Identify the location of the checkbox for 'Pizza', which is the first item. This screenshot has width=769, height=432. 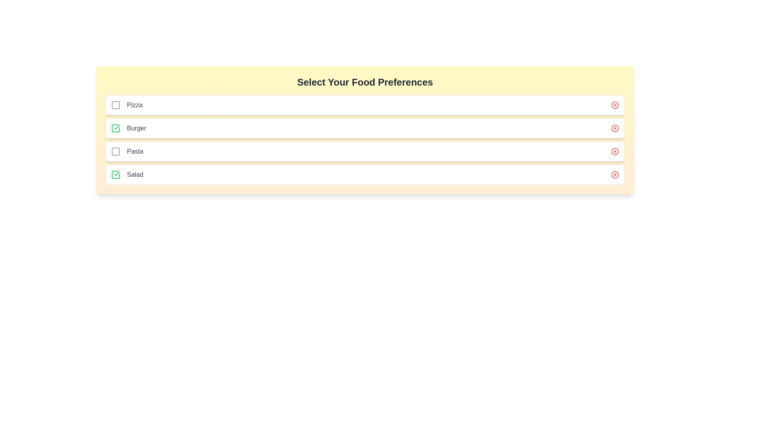
(115, 104).